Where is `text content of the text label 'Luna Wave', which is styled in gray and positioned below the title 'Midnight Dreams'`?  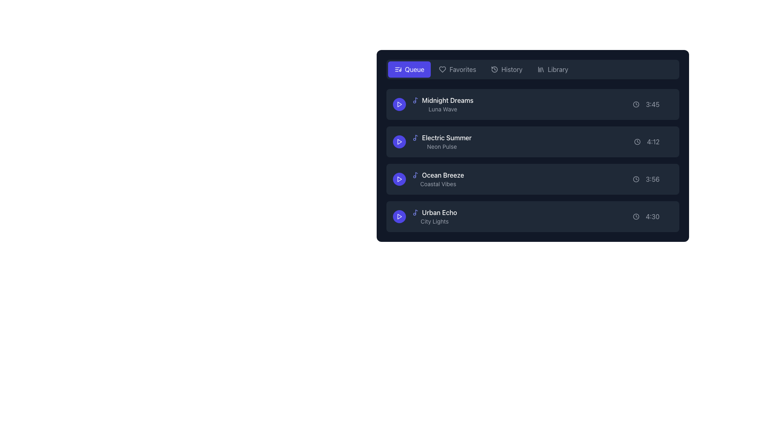 text content of the text label 'Luna Wave', which is styled in gray and positioned below the title 'Midnight Dreams' is located at coordinates (442, 109).